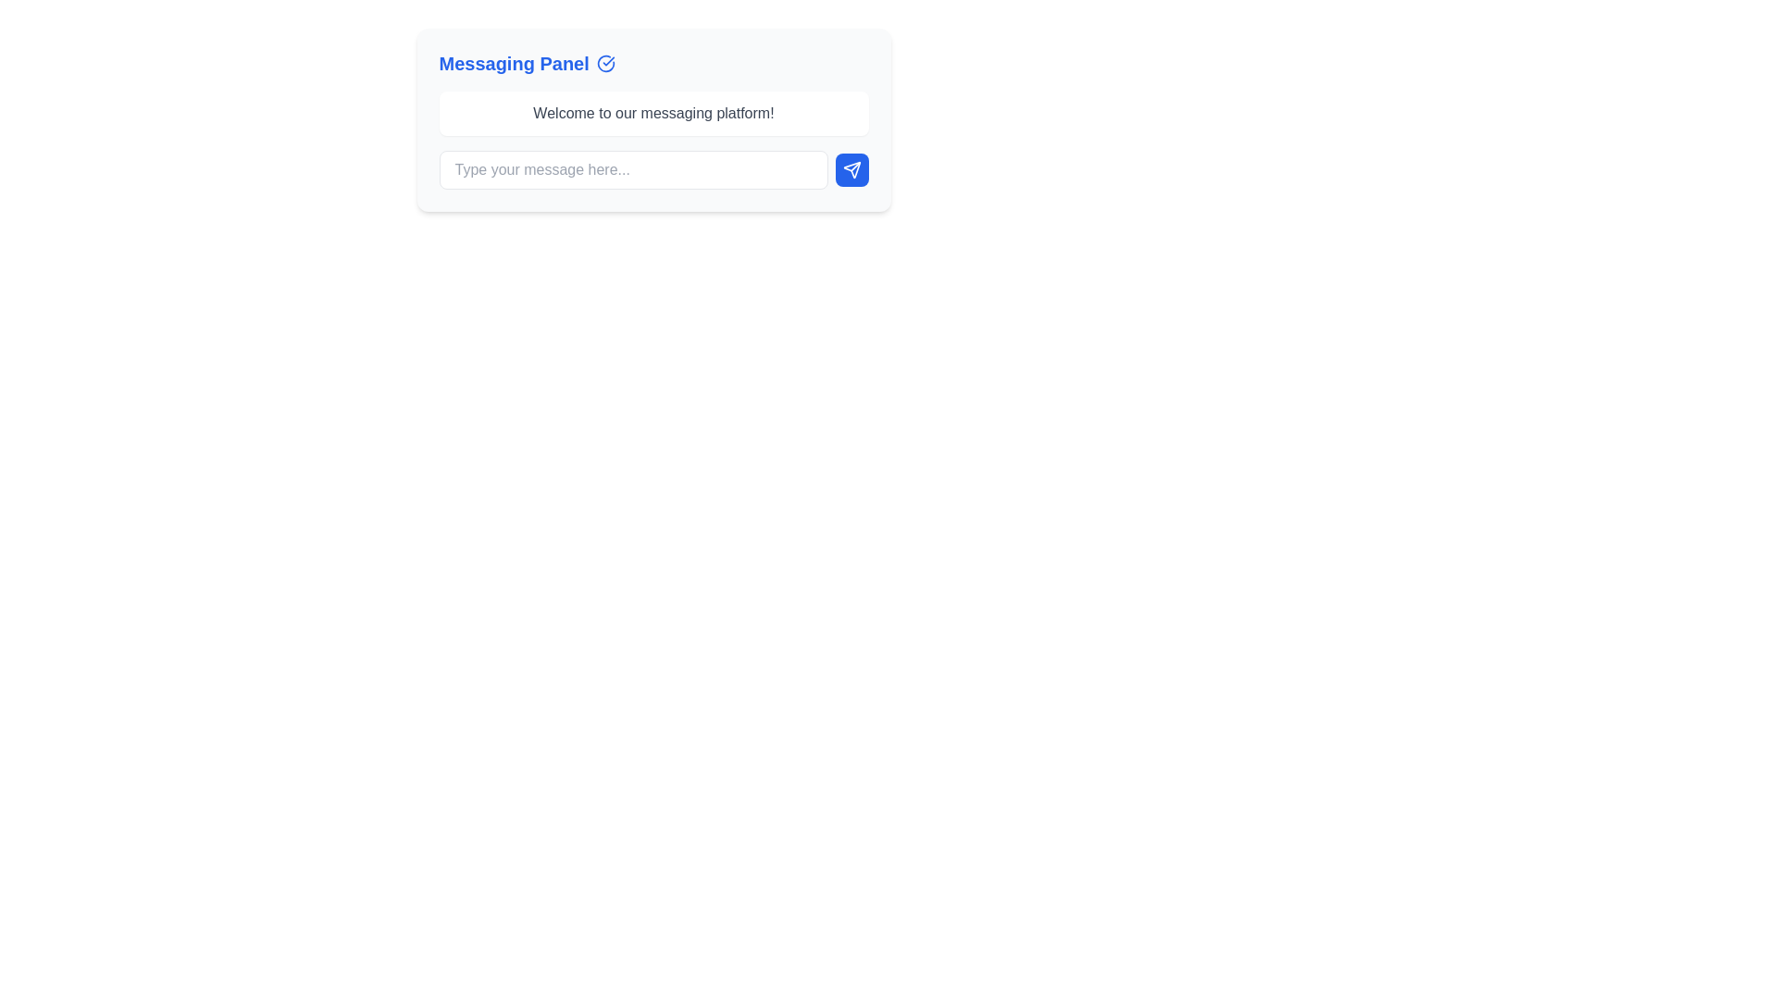  What do you see at coordinates (851, 170) in the screenshot?
I see `the rounded rectangular blue button with a white paper plane icon` at bounding box center [851, 170].